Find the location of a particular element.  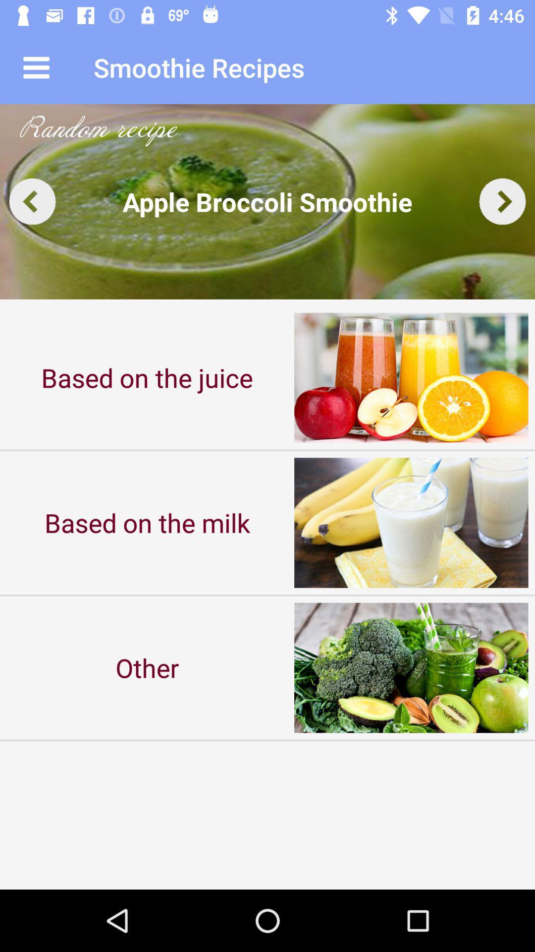

the visibility icon is located at coordinates (502, 201).